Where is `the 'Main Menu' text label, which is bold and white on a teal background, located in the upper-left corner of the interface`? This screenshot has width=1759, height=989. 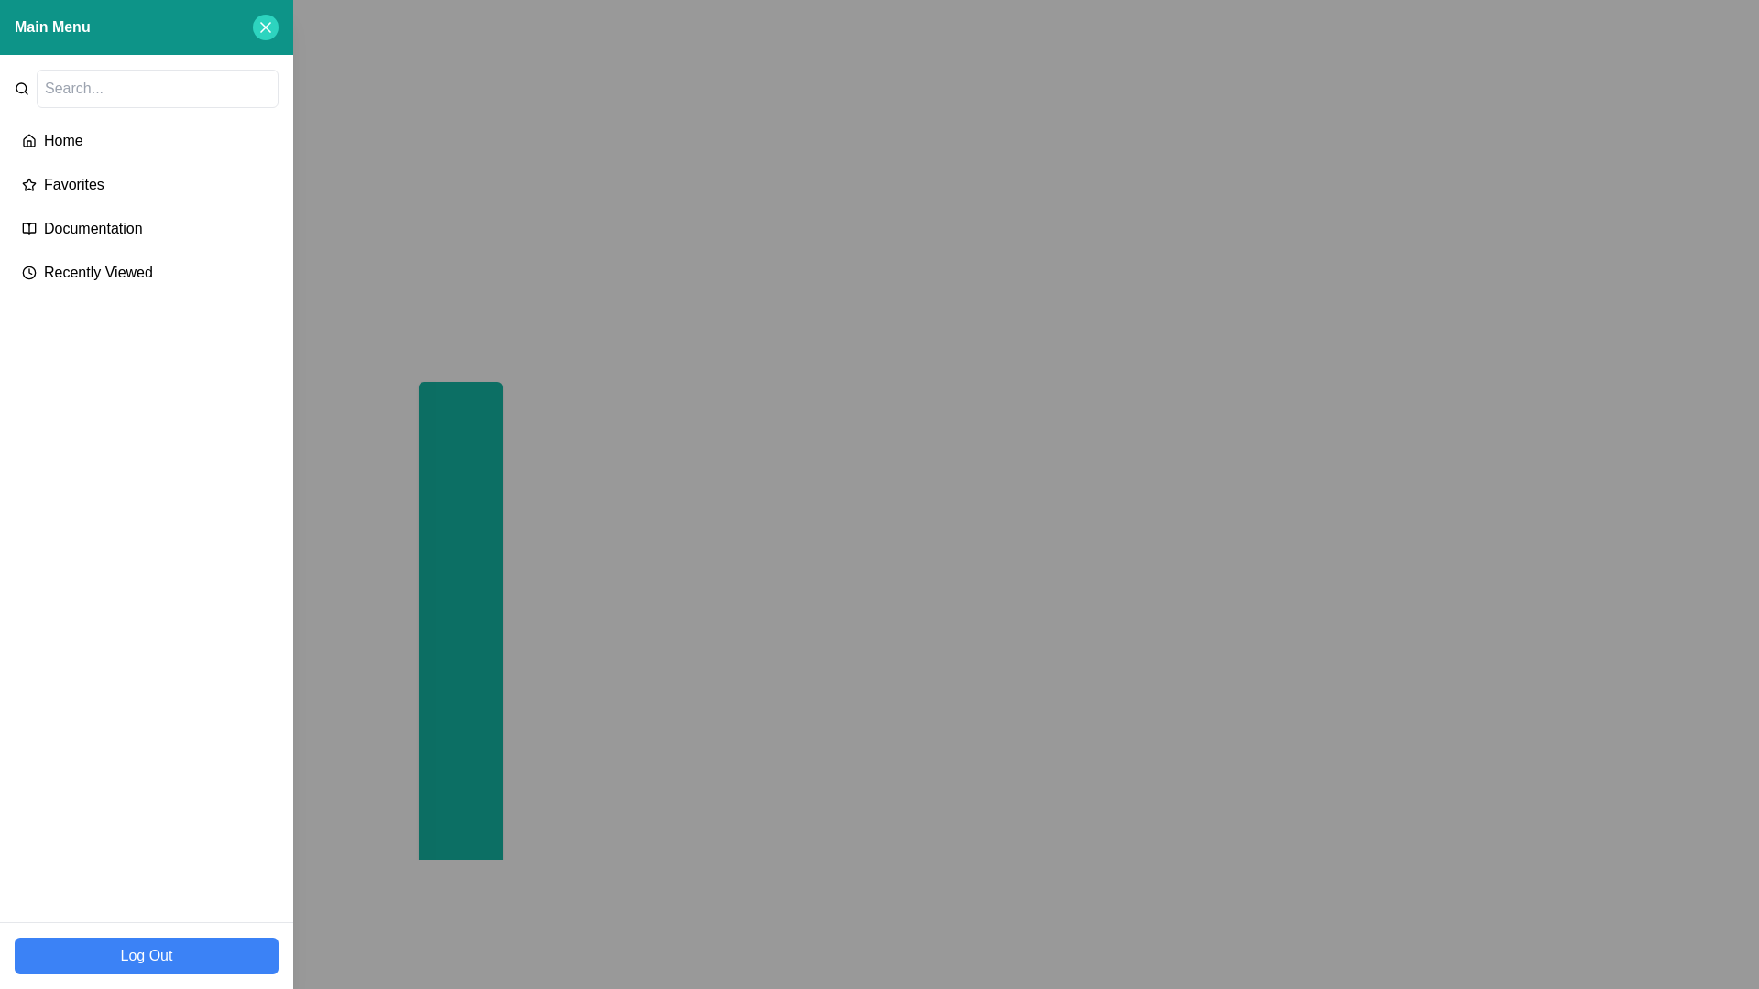
the 'Main Menu' text label, which is bold and white on a teal background, located in the upper-left corner of the interface is located at coordinates (52, 27).